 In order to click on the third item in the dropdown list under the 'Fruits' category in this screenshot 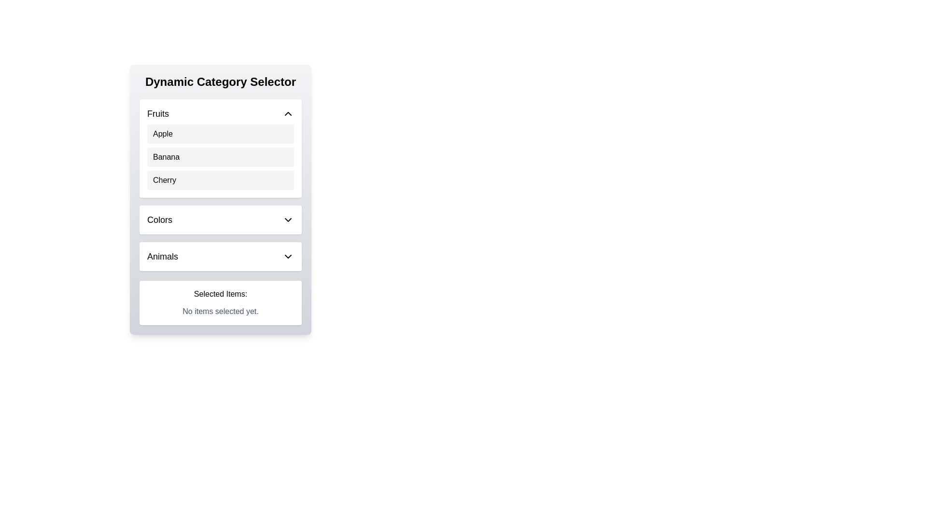, I will do `click(220, 180)`.